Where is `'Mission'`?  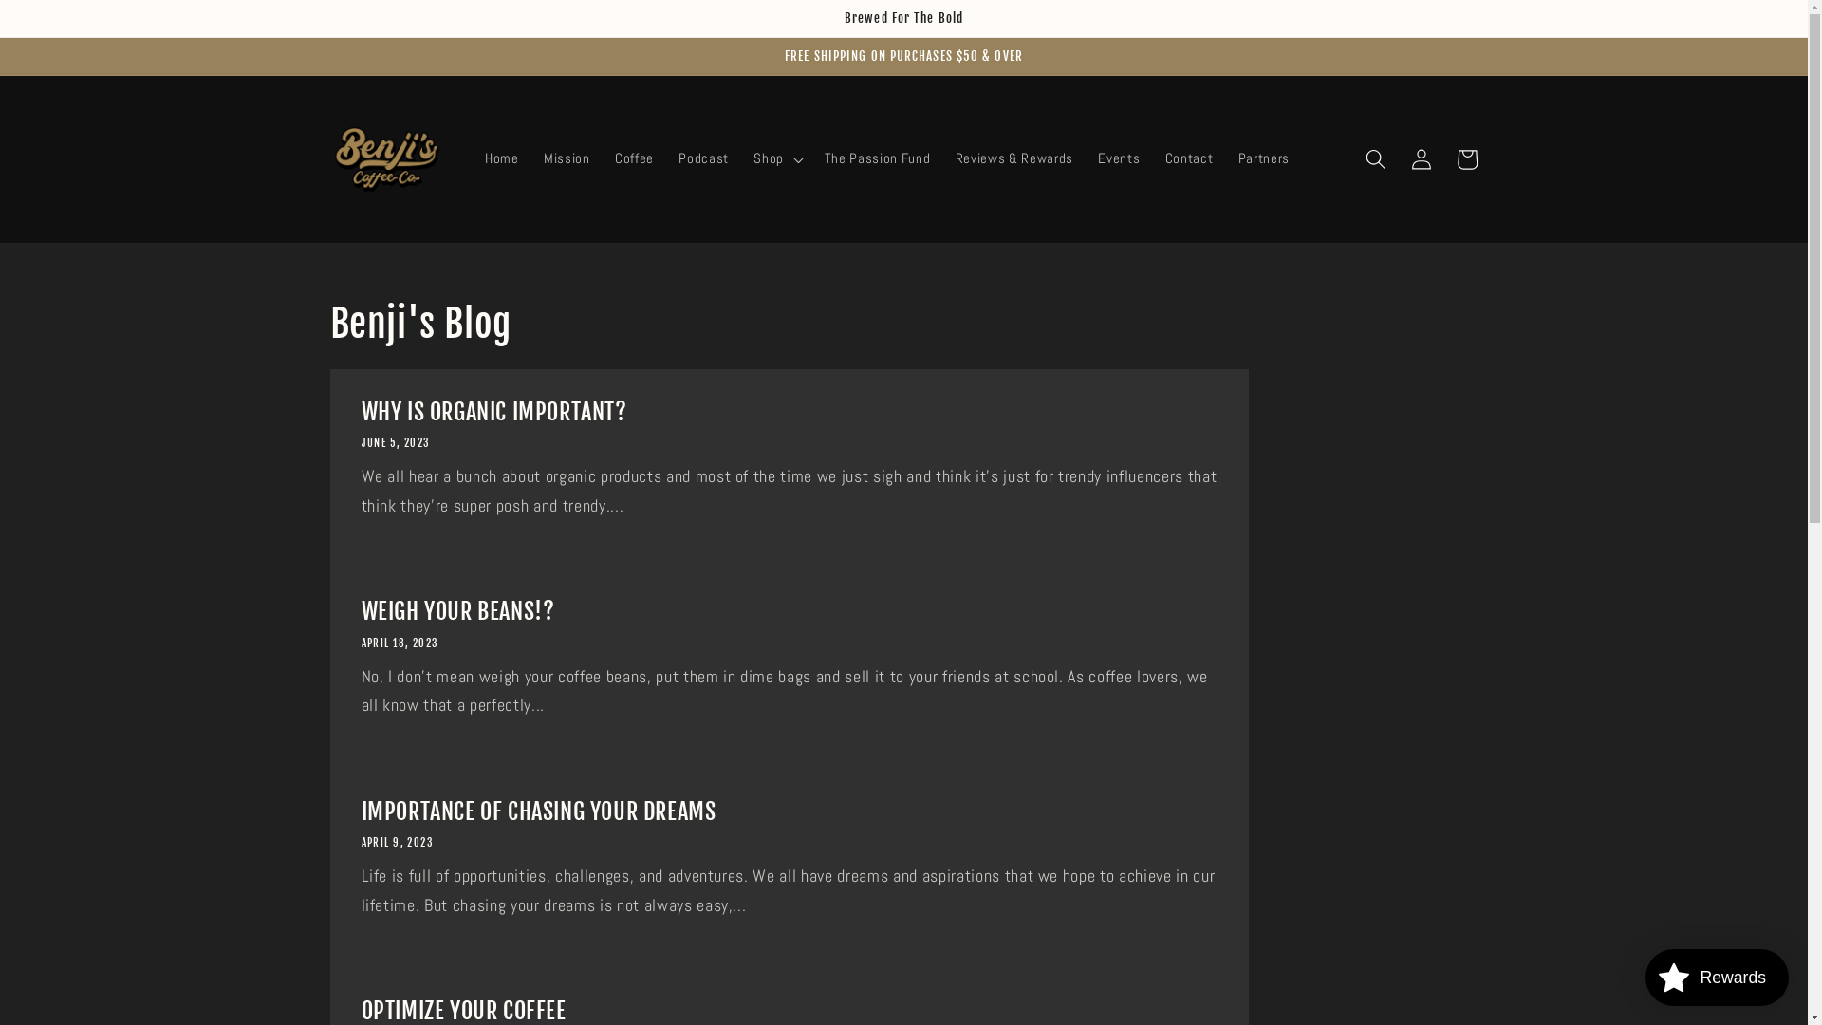 'Mission' is located at coordinates (566, 158).